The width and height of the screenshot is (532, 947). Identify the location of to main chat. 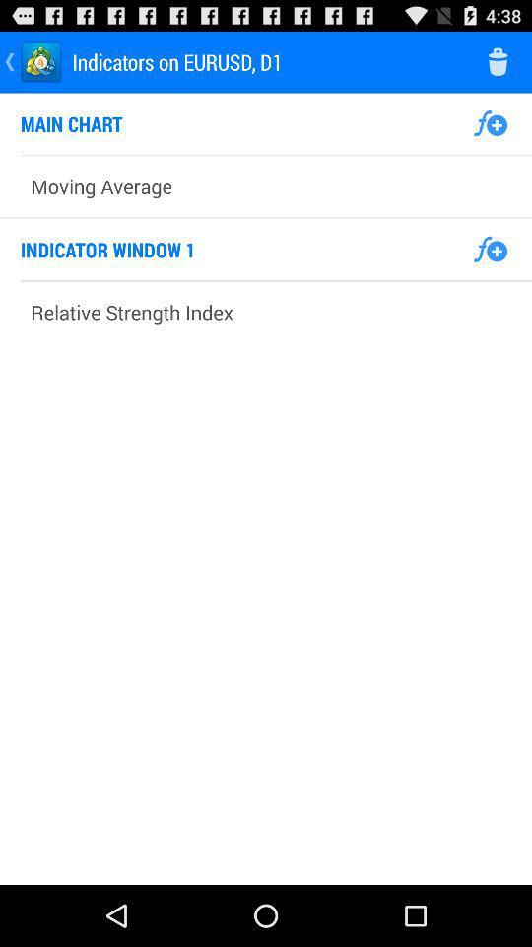
(489, 122).